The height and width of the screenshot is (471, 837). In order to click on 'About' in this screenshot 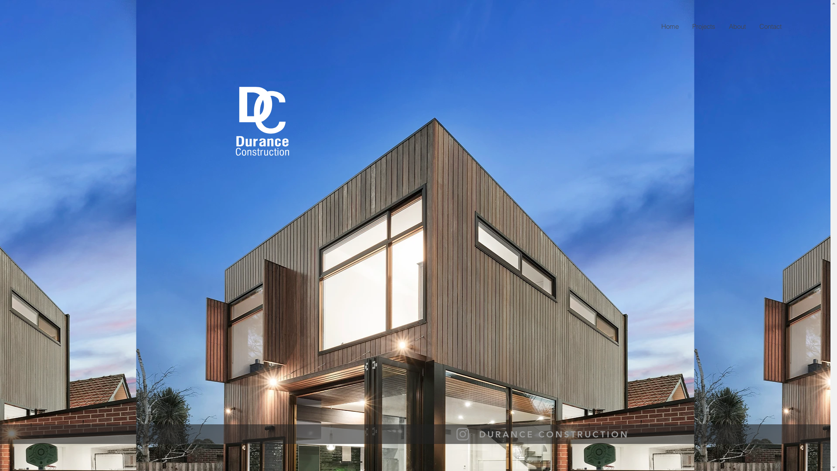, I will do `click(736, 26)`.